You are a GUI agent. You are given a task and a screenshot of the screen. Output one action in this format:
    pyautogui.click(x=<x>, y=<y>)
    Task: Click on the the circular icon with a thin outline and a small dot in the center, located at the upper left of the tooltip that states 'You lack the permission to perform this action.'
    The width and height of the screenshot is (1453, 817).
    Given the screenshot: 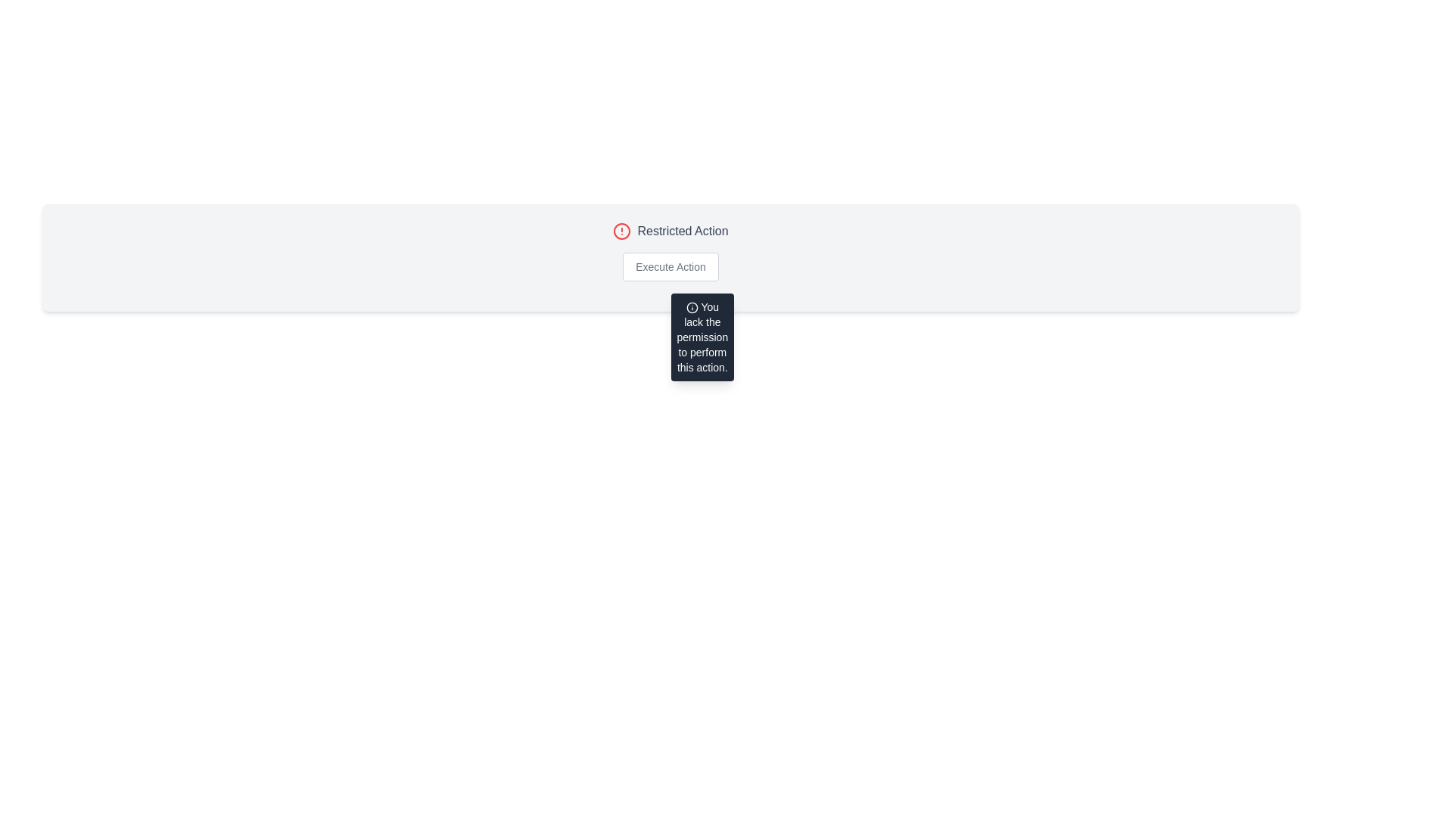 What is the action you would take?
    pyautogui.click(x=691, y=307)
    